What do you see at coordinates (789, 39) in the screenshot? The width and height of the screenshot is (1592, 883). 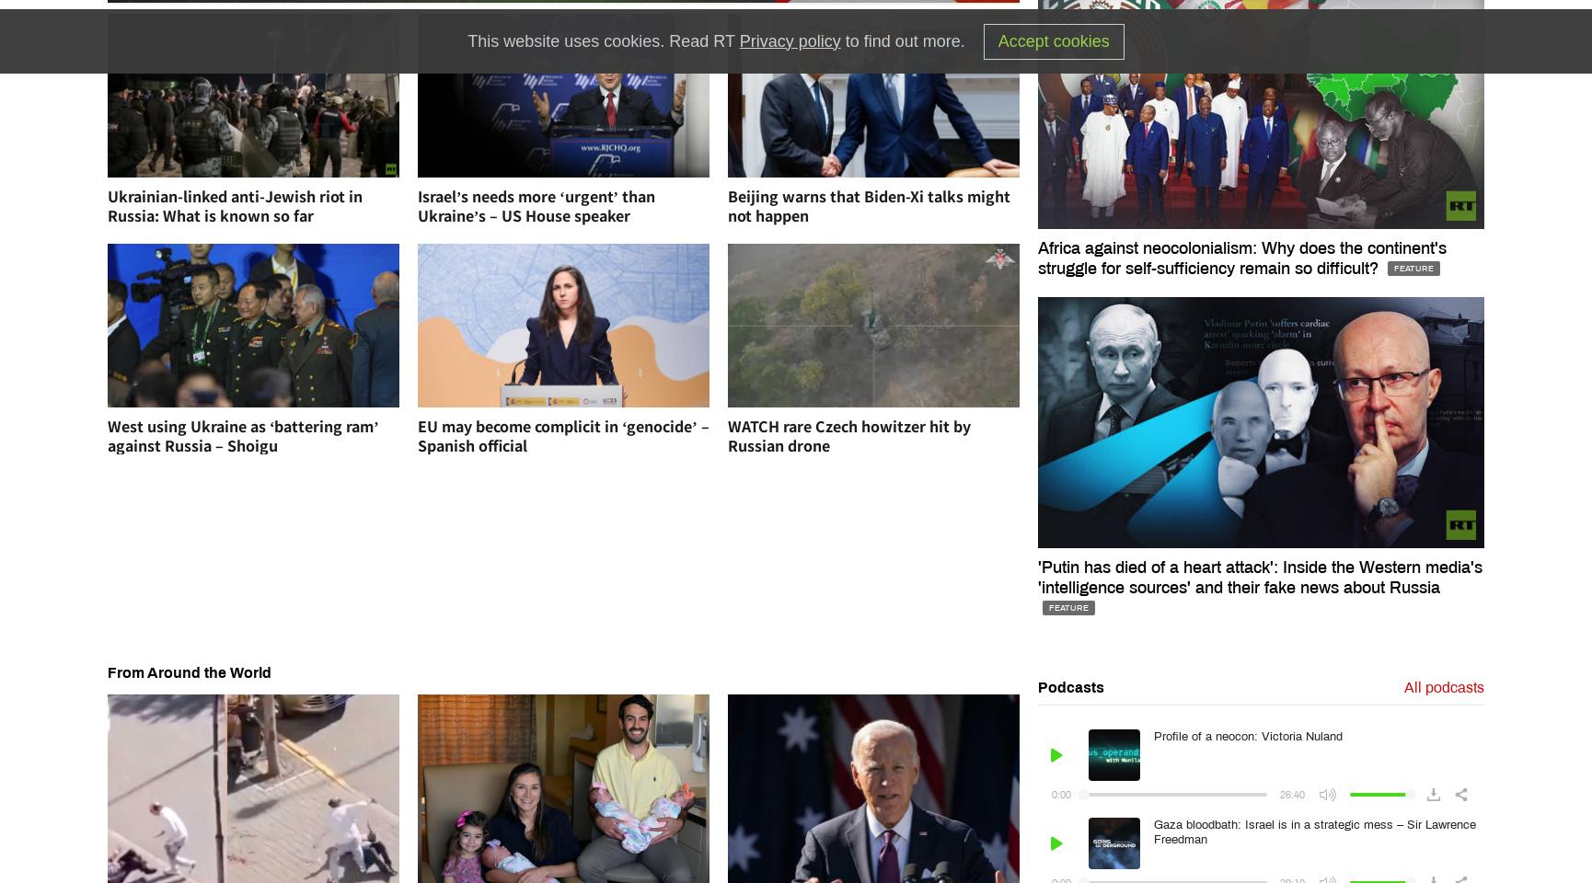 I see `'Privacy policy'` at bounding box center [789, 39].